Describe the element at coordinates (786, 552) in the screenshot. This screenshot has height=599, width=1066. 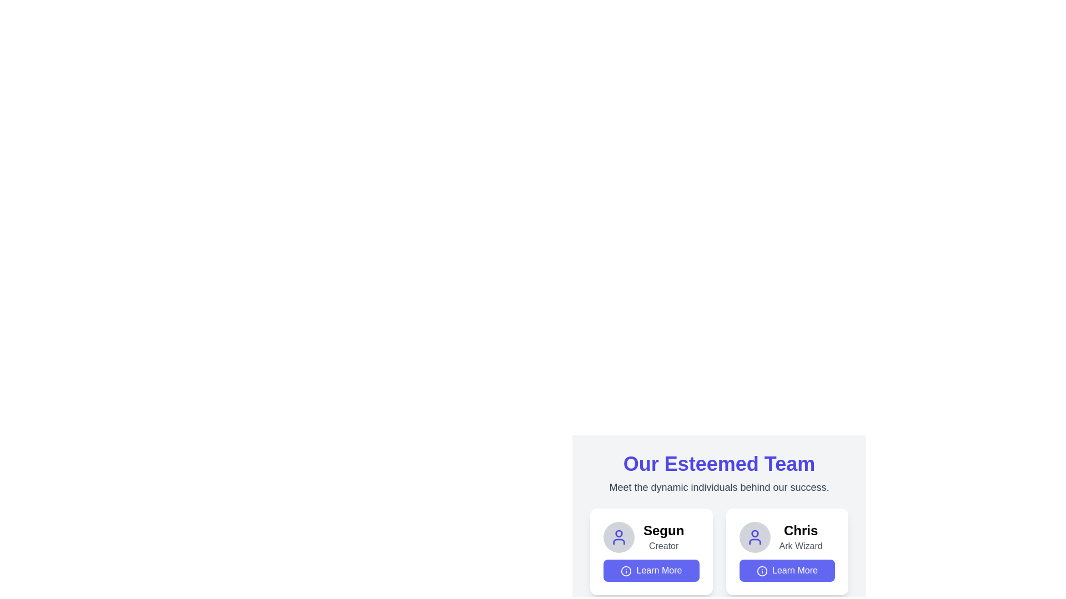
I see `the 'Learn More' button on the Profile Card for Chris, located in the second column of the 'Our Esteemed Team' section` at that location.